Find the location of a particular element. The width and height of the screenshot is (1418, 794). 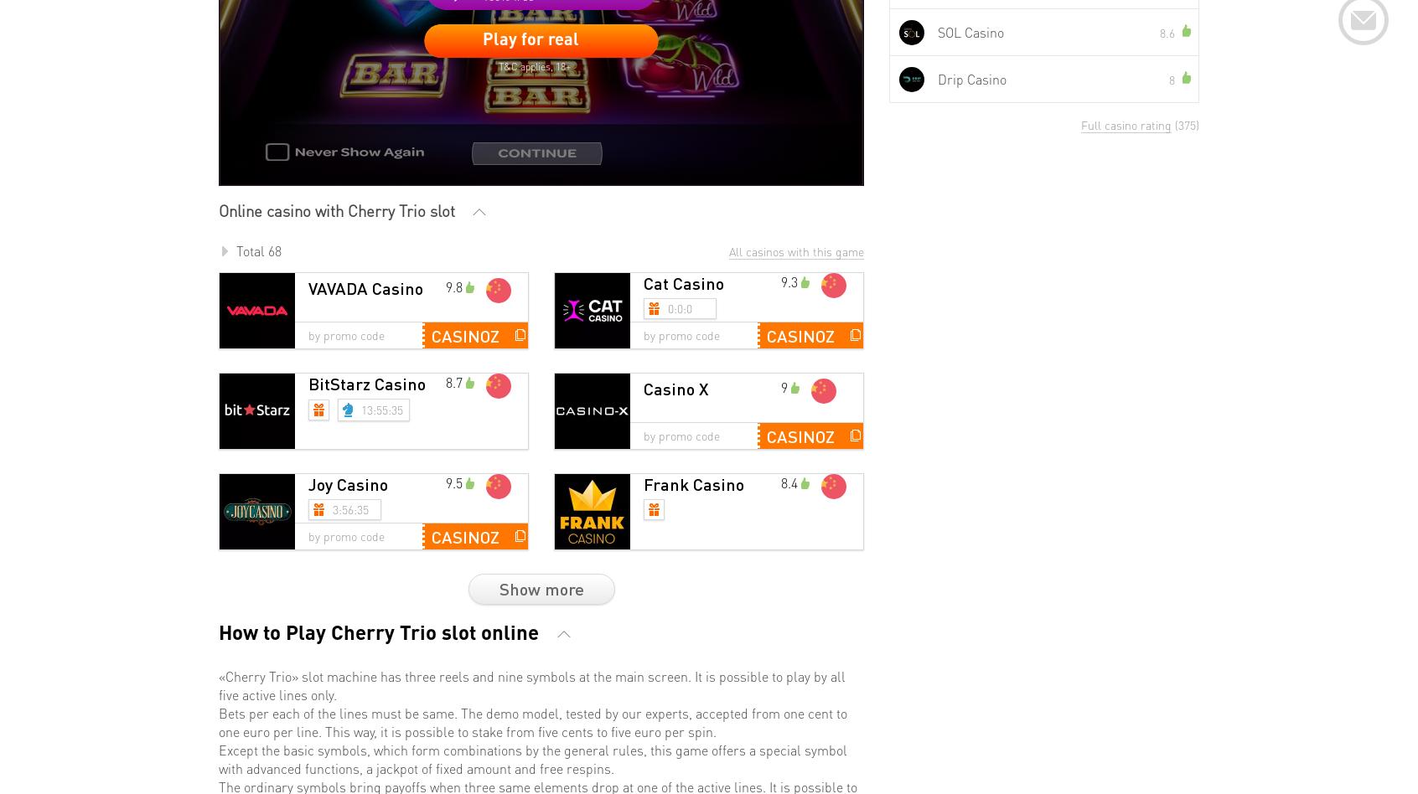

'How to Play Cherry Trio slot online' is located at coordinates (380, 631).